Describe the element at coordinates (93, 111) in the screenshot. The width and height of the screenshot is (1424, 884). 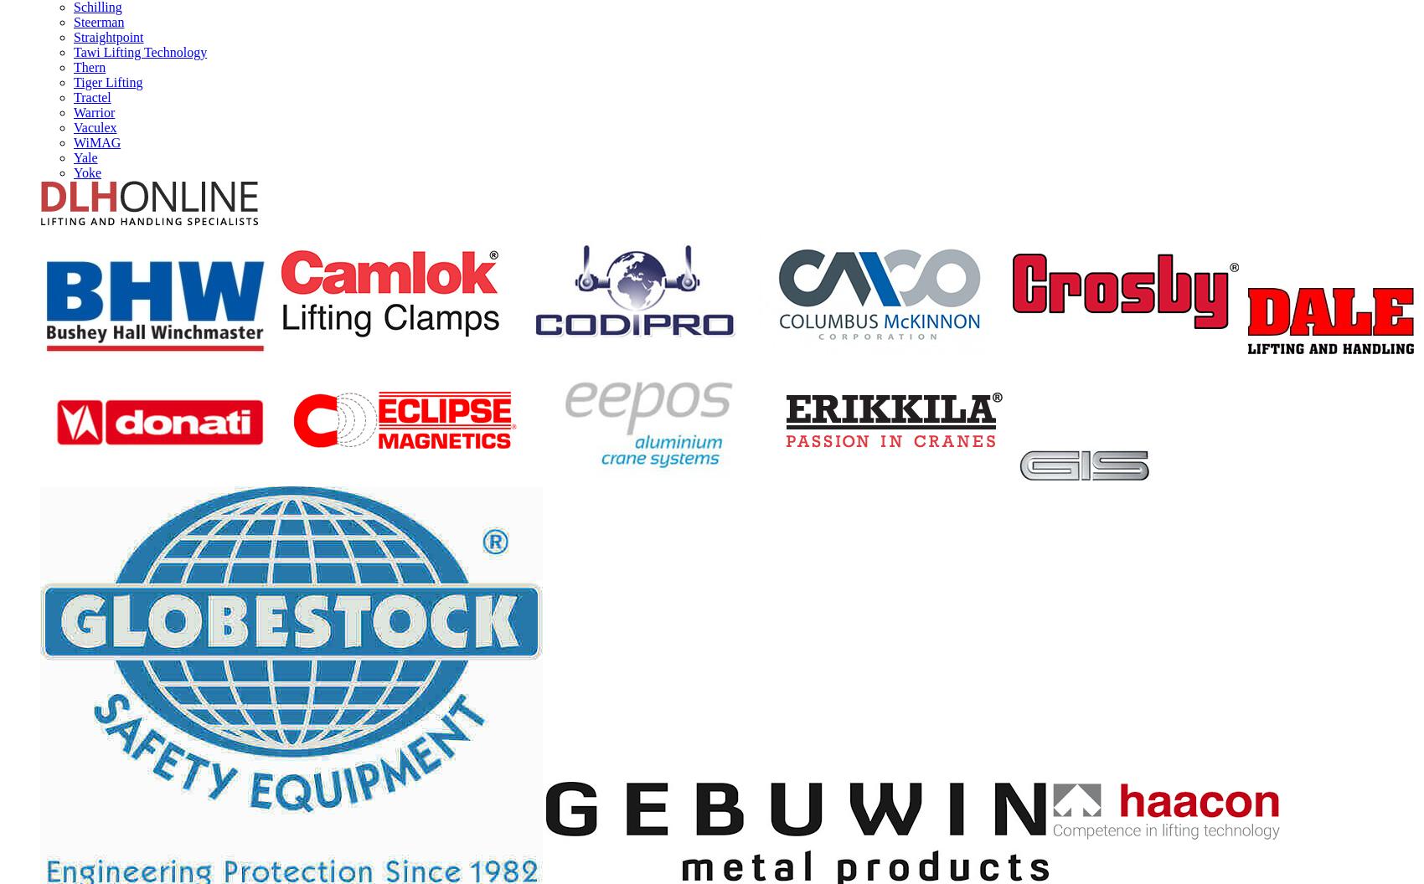
I see `'Warrior'` at that location.